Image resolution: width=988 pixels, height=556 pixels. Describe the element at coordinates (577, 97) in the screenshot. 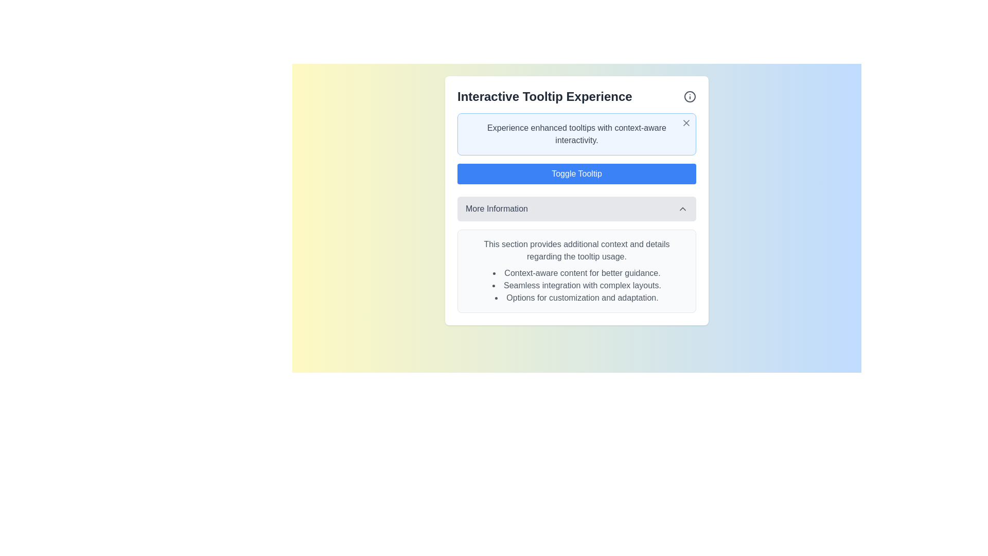

I see `prominent text header that displays 'Interactive Tooltip Experience' to obtain context` at that location.